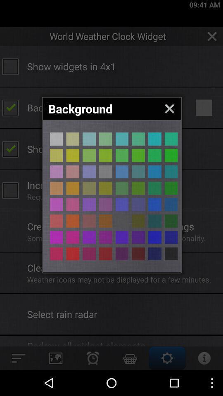 The image size is (223, 396). What do you see at coordinates (105, 171) in the screenshot?
I see `color` at bounding box center [105, 171].